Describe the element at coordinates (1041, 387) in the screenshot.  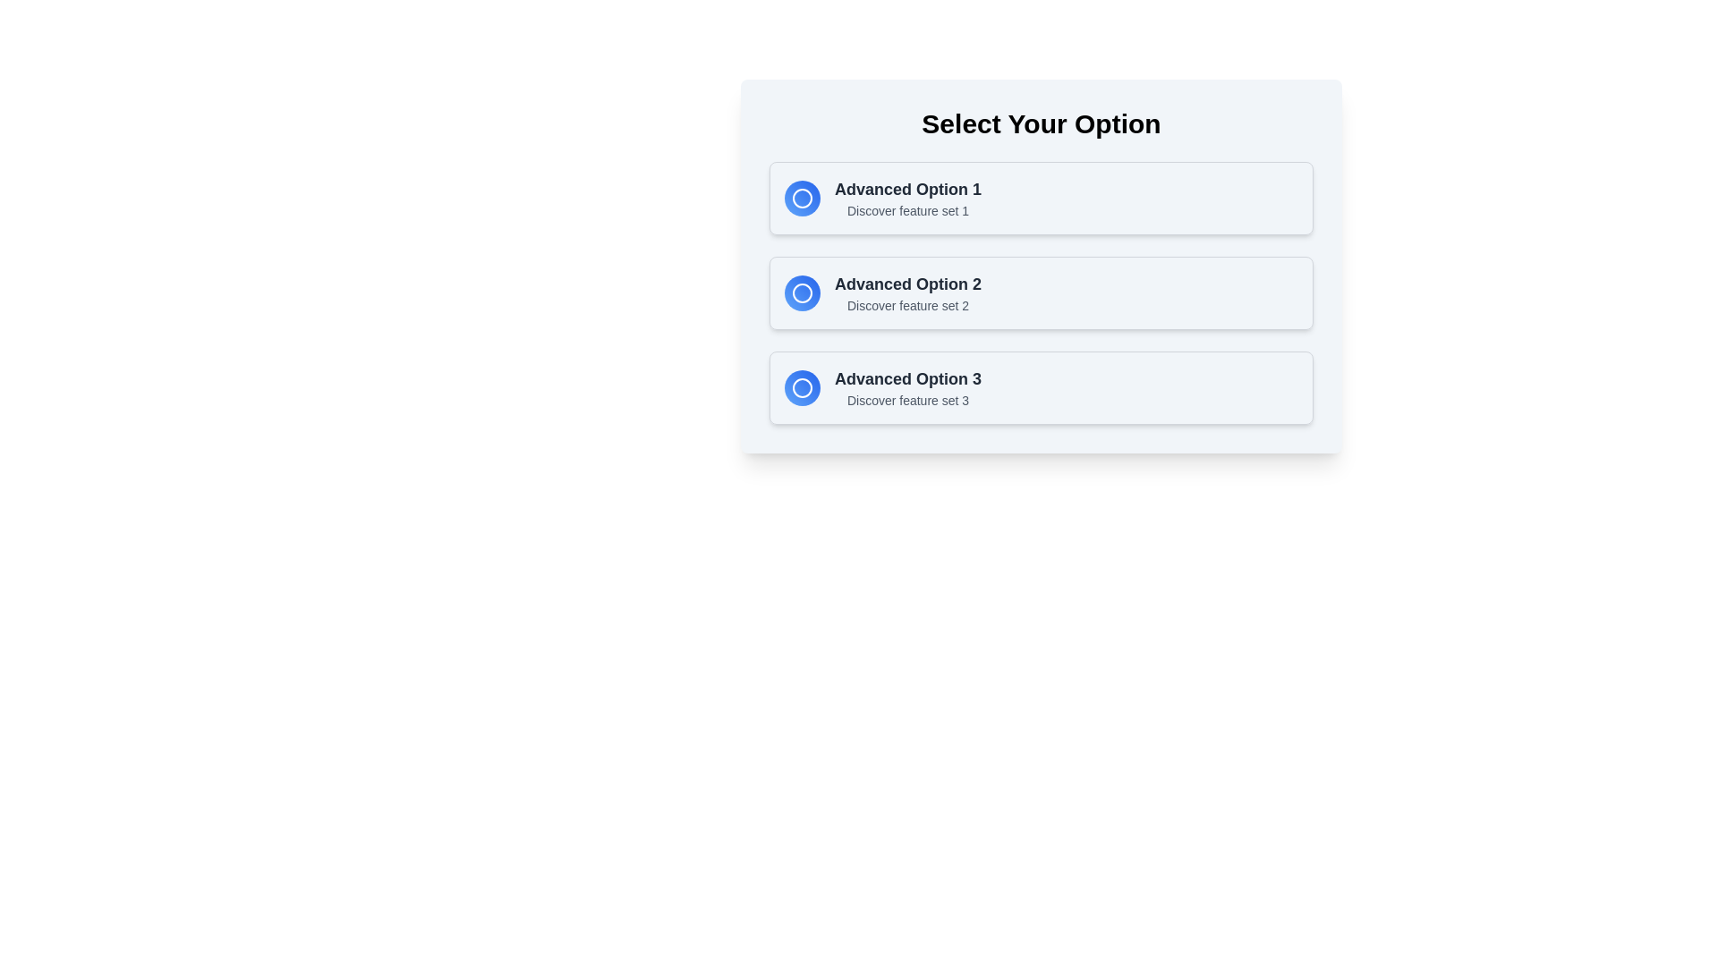
I see `the 'Advanced Option 3' selectable card, which is the third card in a vertical list` at that location.